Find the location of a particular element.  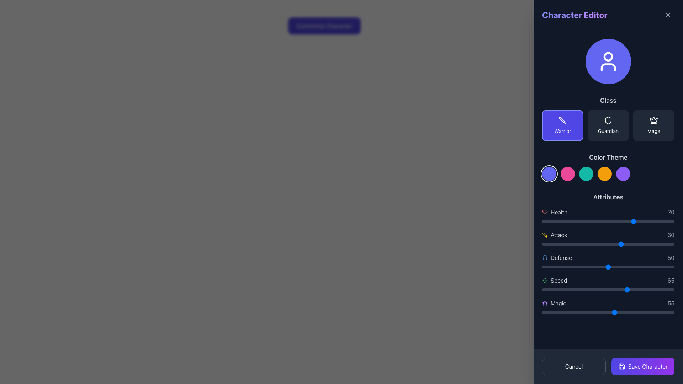

health value is located at coordinates (565, 221).